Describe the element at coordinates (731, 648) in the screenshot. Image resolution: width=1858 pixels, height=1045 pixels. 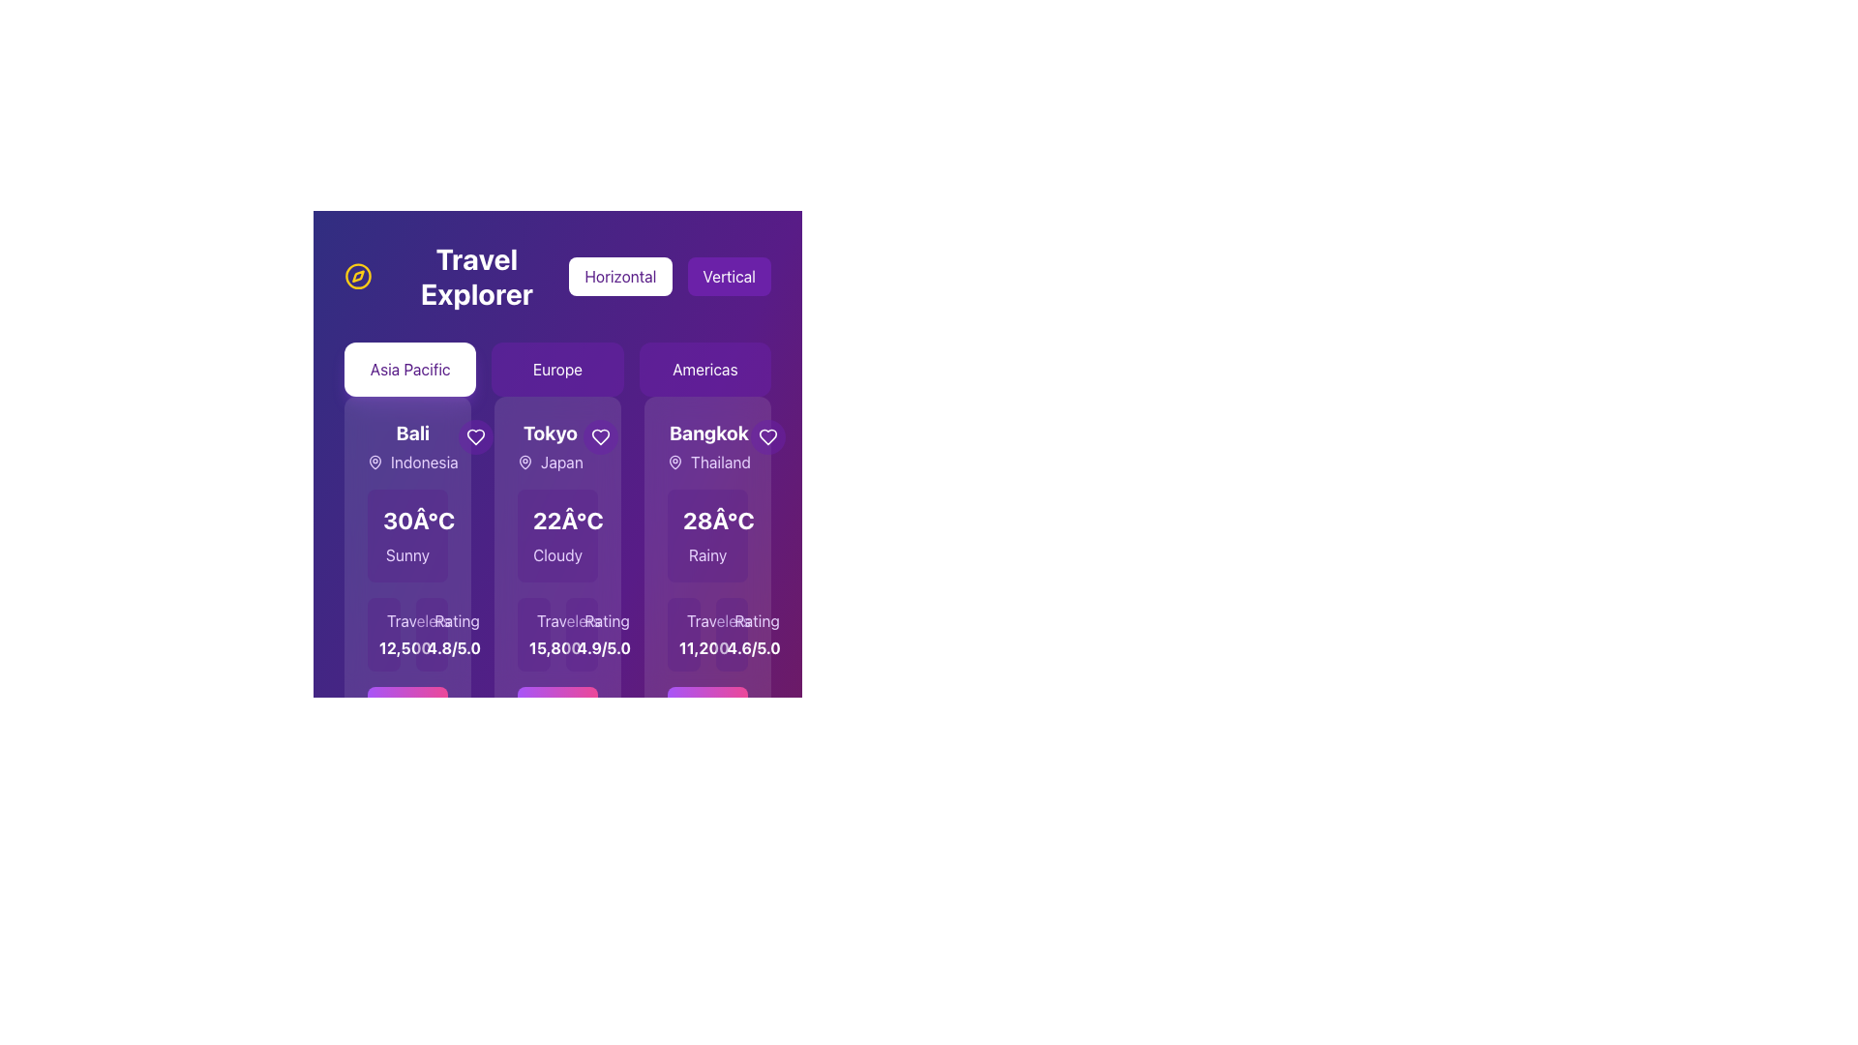
I see `the text label displaying '4.6/5.0' within the purple background card for the Bangkok destination, located below the temperature display and next to the 'Rating' label and icon` at that location.